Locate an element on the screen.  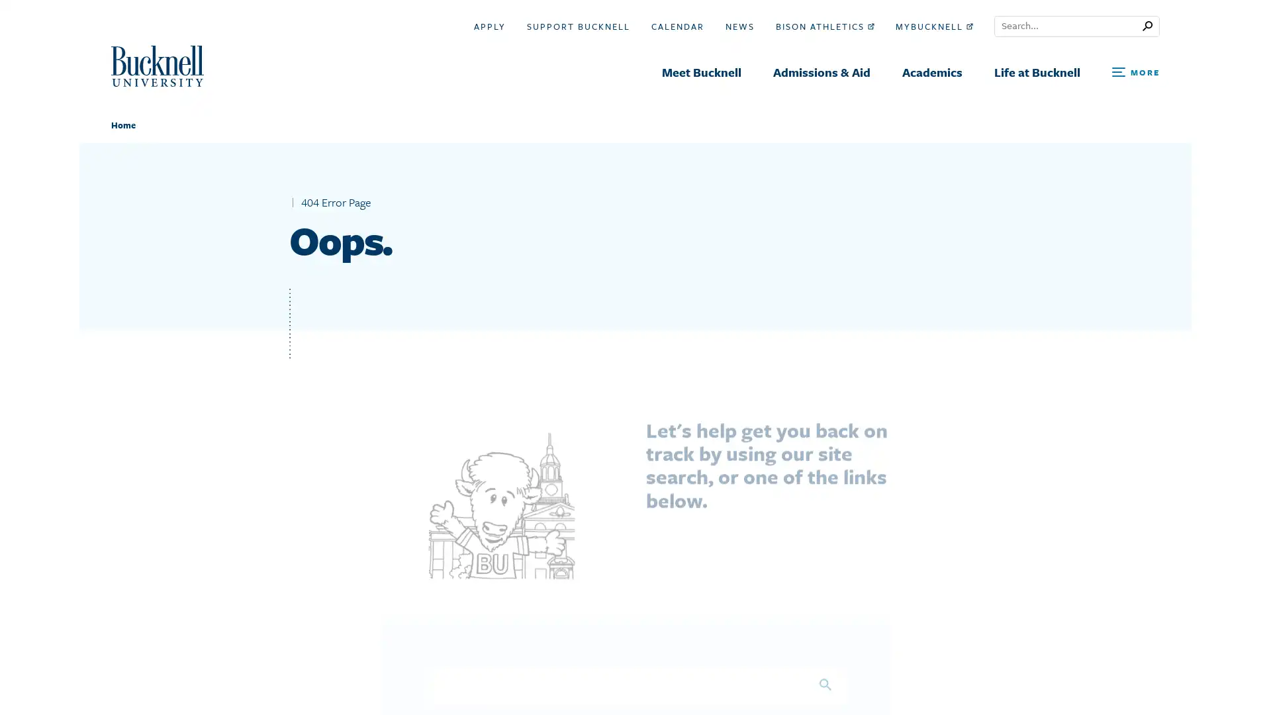
Open Search and Additional Links is located at coordinates (1135, 72).